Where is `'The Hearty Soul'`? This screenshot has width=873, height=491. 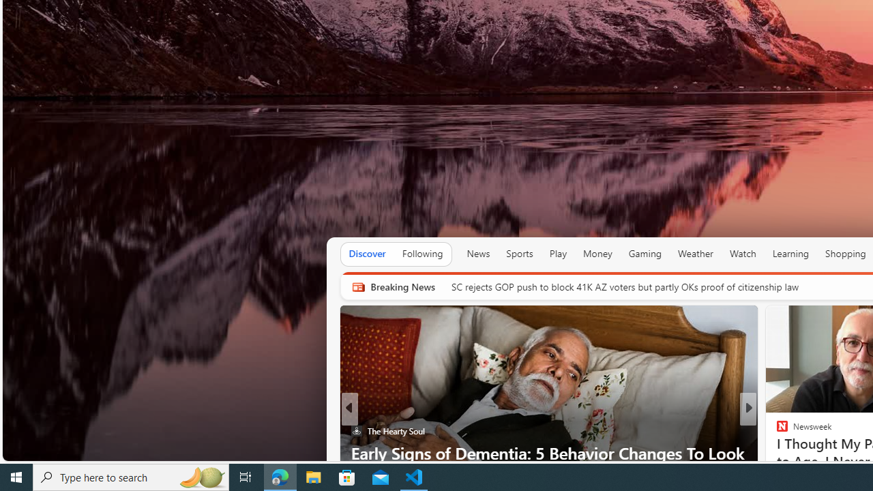
'The Hearty Soul' is located at coordinates (356, 431).